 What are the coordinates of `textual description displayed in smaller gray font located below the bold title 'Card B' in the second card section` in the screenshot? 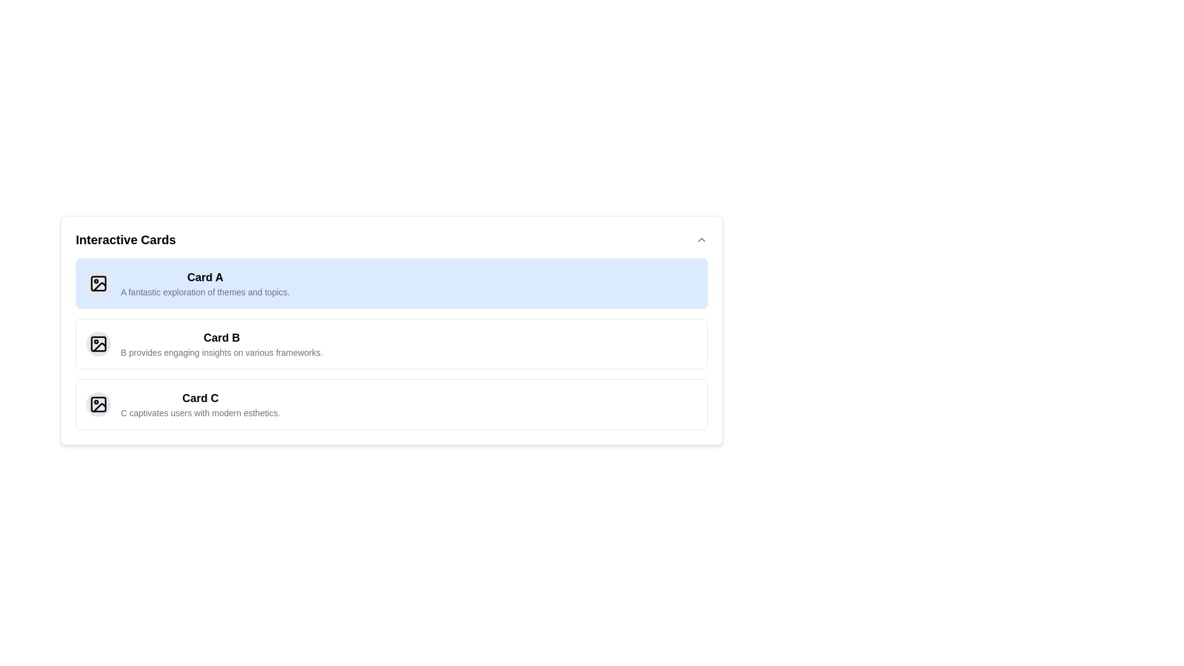 It's located at (221, 352).